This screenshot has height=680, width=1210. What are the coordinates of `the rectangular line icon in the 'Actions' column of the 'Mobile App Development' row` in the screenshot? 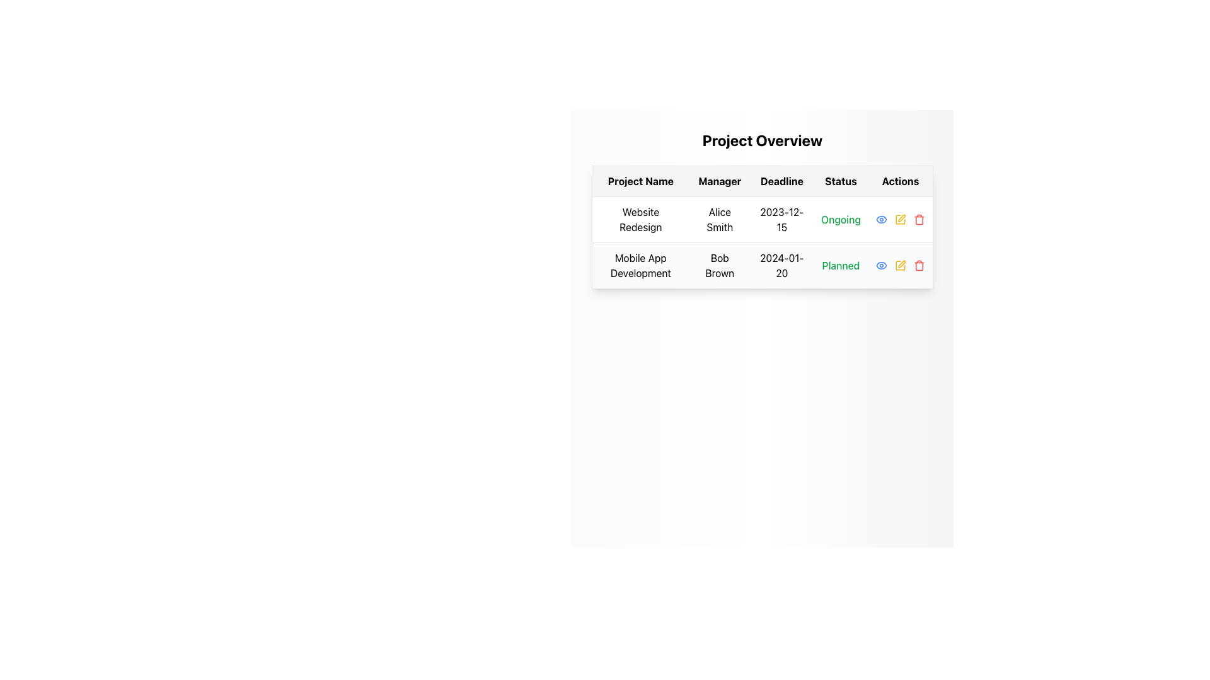 It's located at (900, 264).